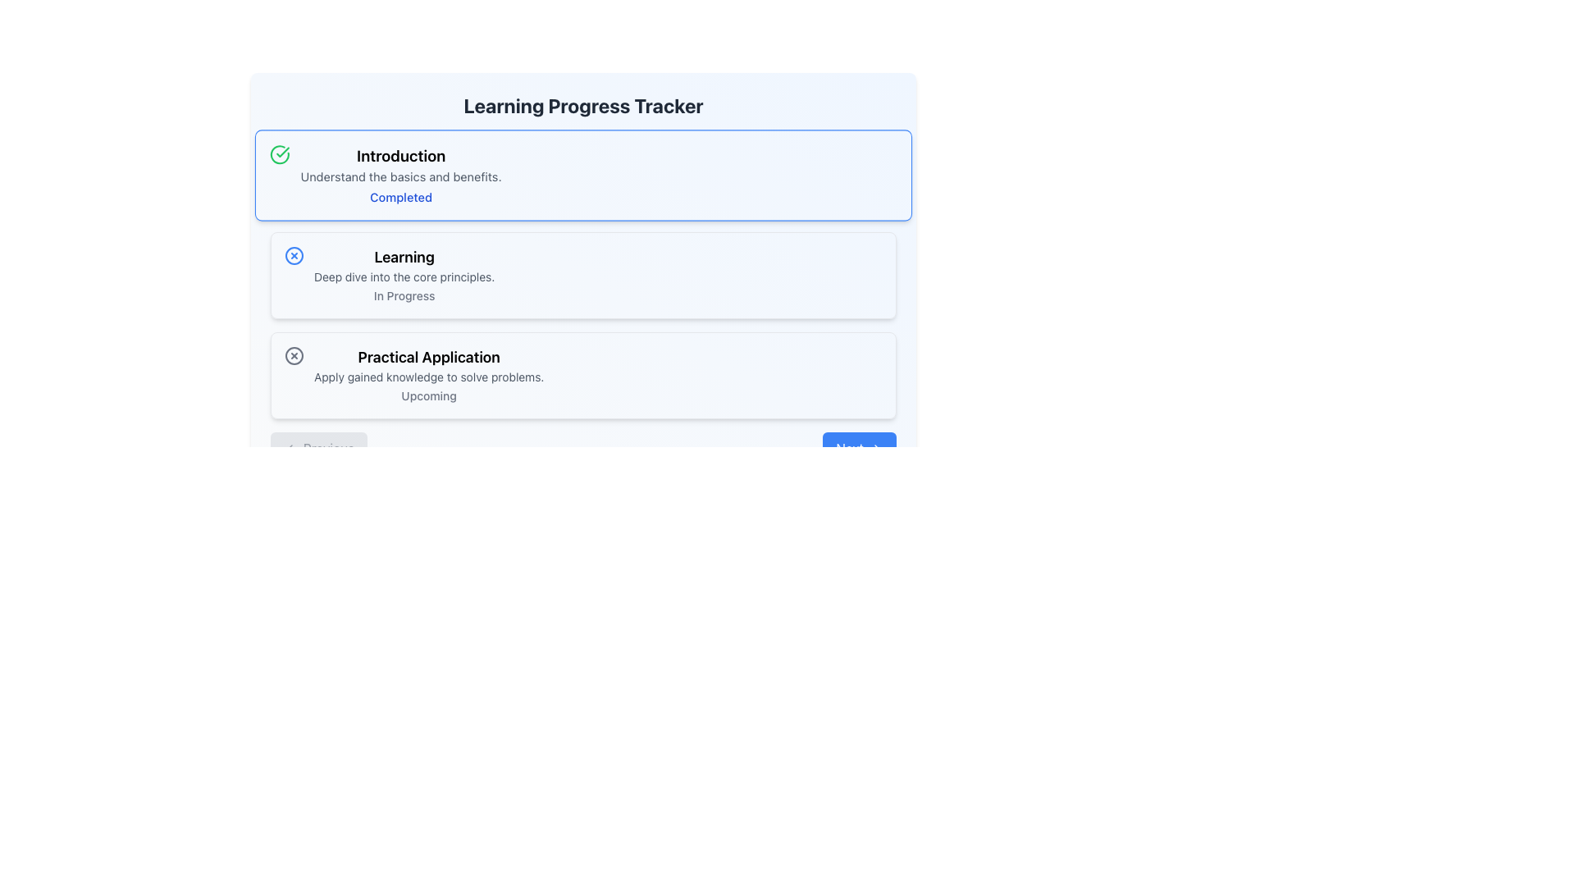 This screenshot has width=1575, height=886. I want to click on the circular icon with a gray outline and 'X' symbol, located to the left of the 'Practical Application' text in the third section of the progress tracker, so click(294, 355).